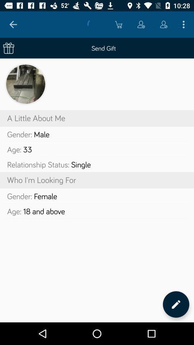 Image resolution: width=194 pixels, height=345 pixels. Describe the element at coordinates (97, 47) in the screenshot. I see `the send gift item` at that location.